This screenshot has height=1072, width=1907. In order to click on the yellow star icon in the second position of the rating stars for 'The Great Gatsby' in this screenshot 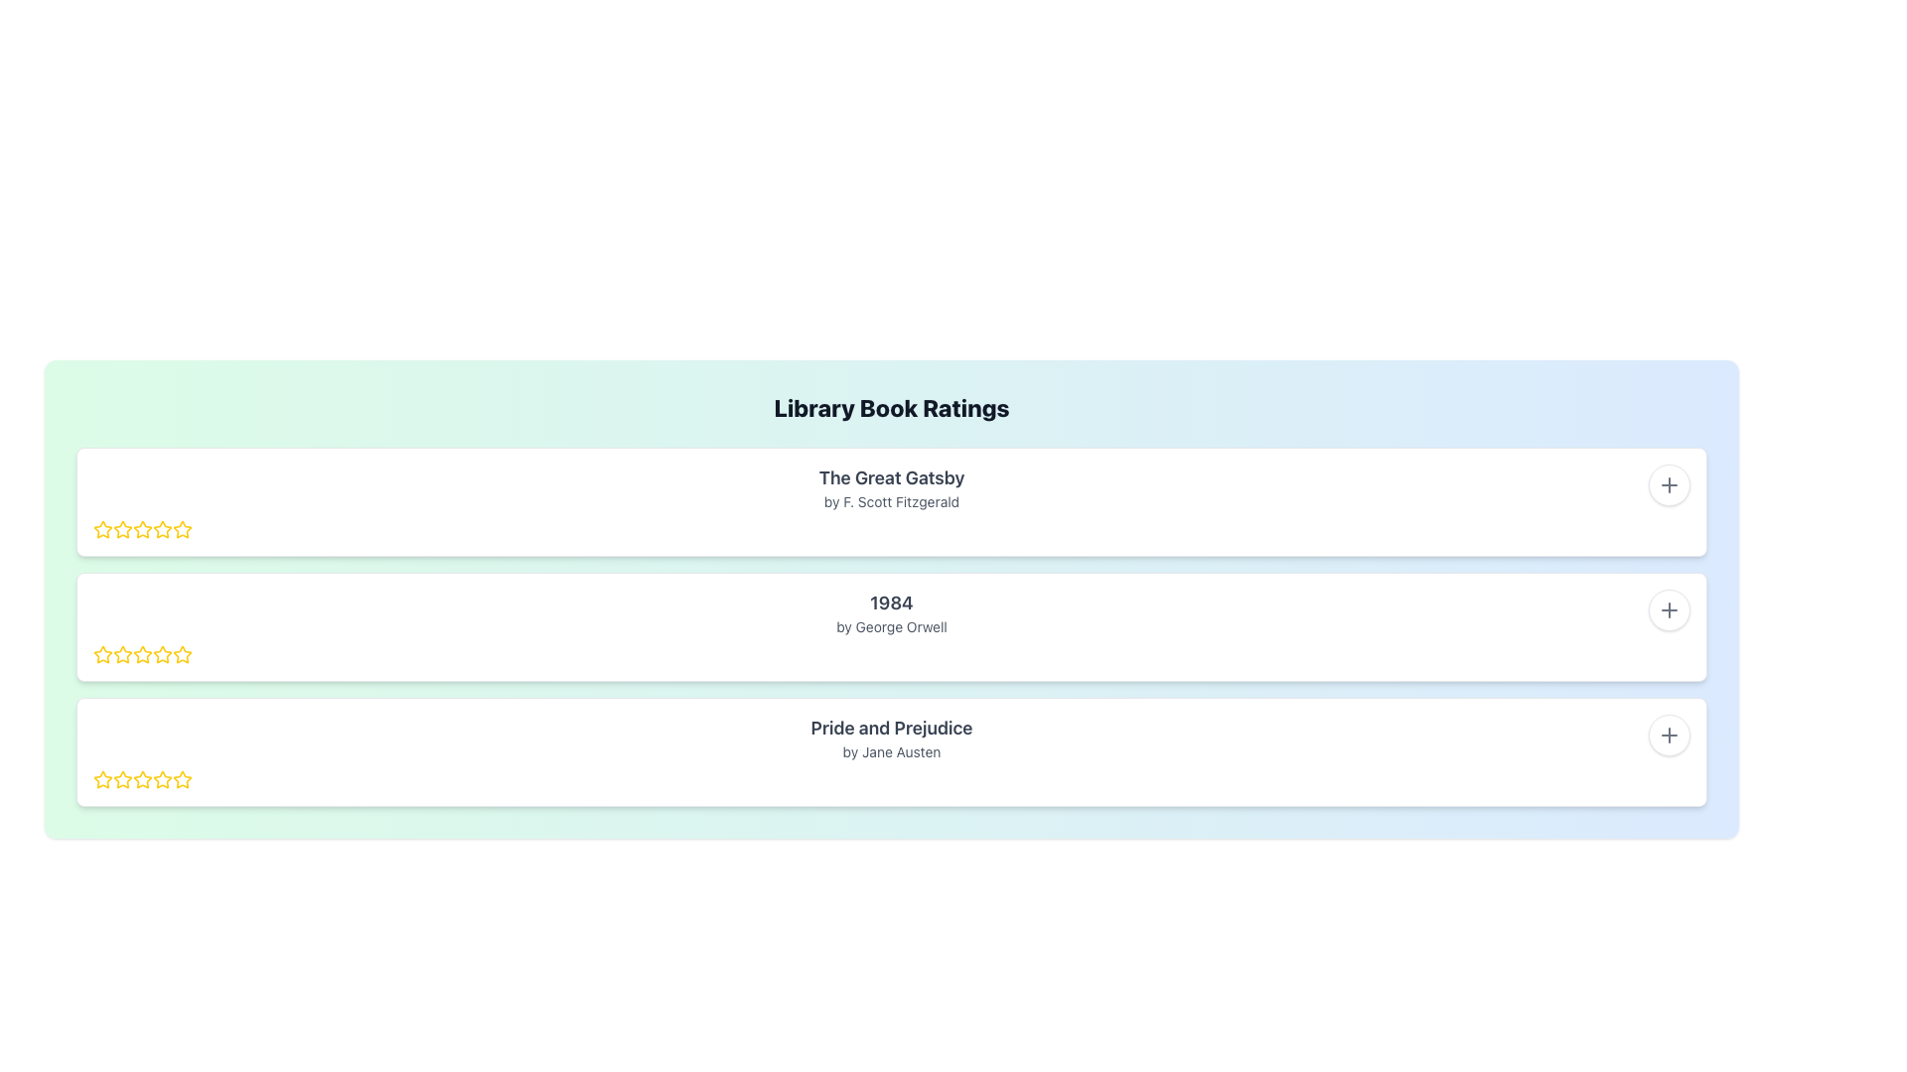, I will do `click(162, 528)`.